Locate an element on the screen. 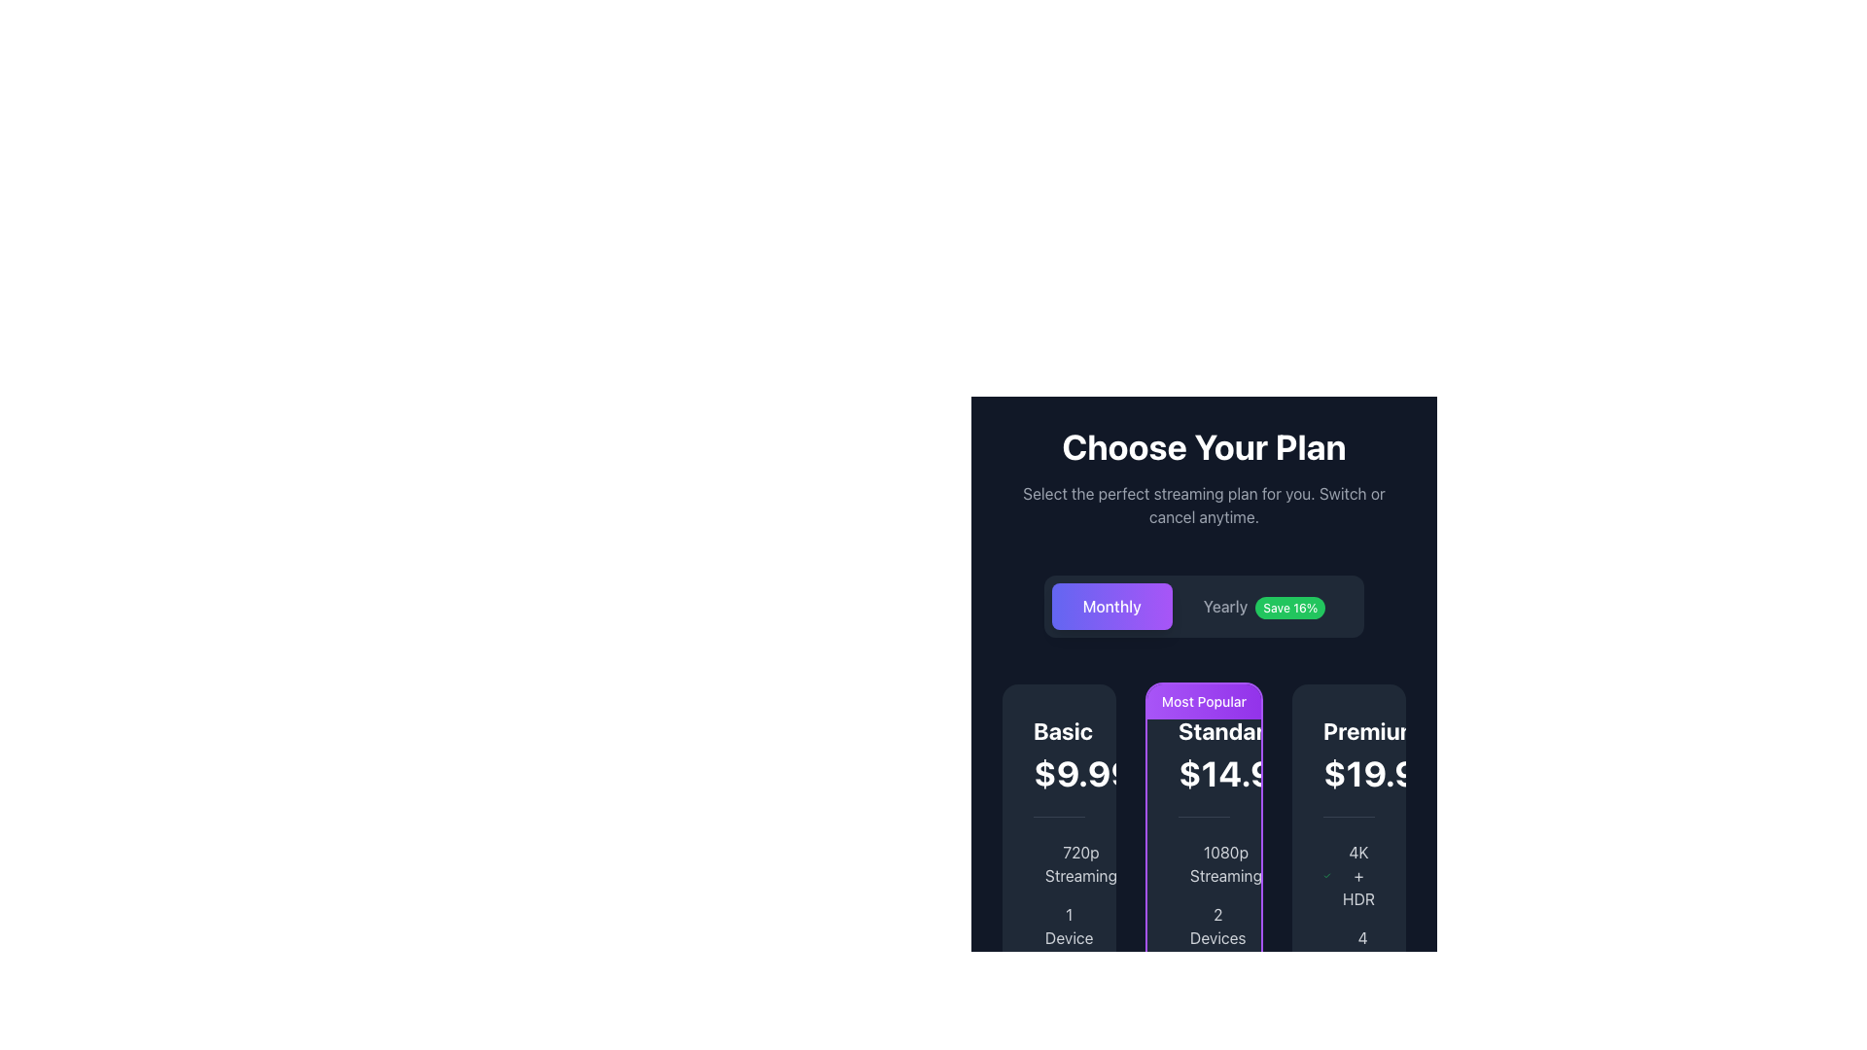 The width and height of the screenshot is (1867, 1050). the Text Display element that informs the user of the name and pricing of the 'Standard' plan, located directly underneath the 'Standard' title in the middle column is located at coordinates (1203, 752).